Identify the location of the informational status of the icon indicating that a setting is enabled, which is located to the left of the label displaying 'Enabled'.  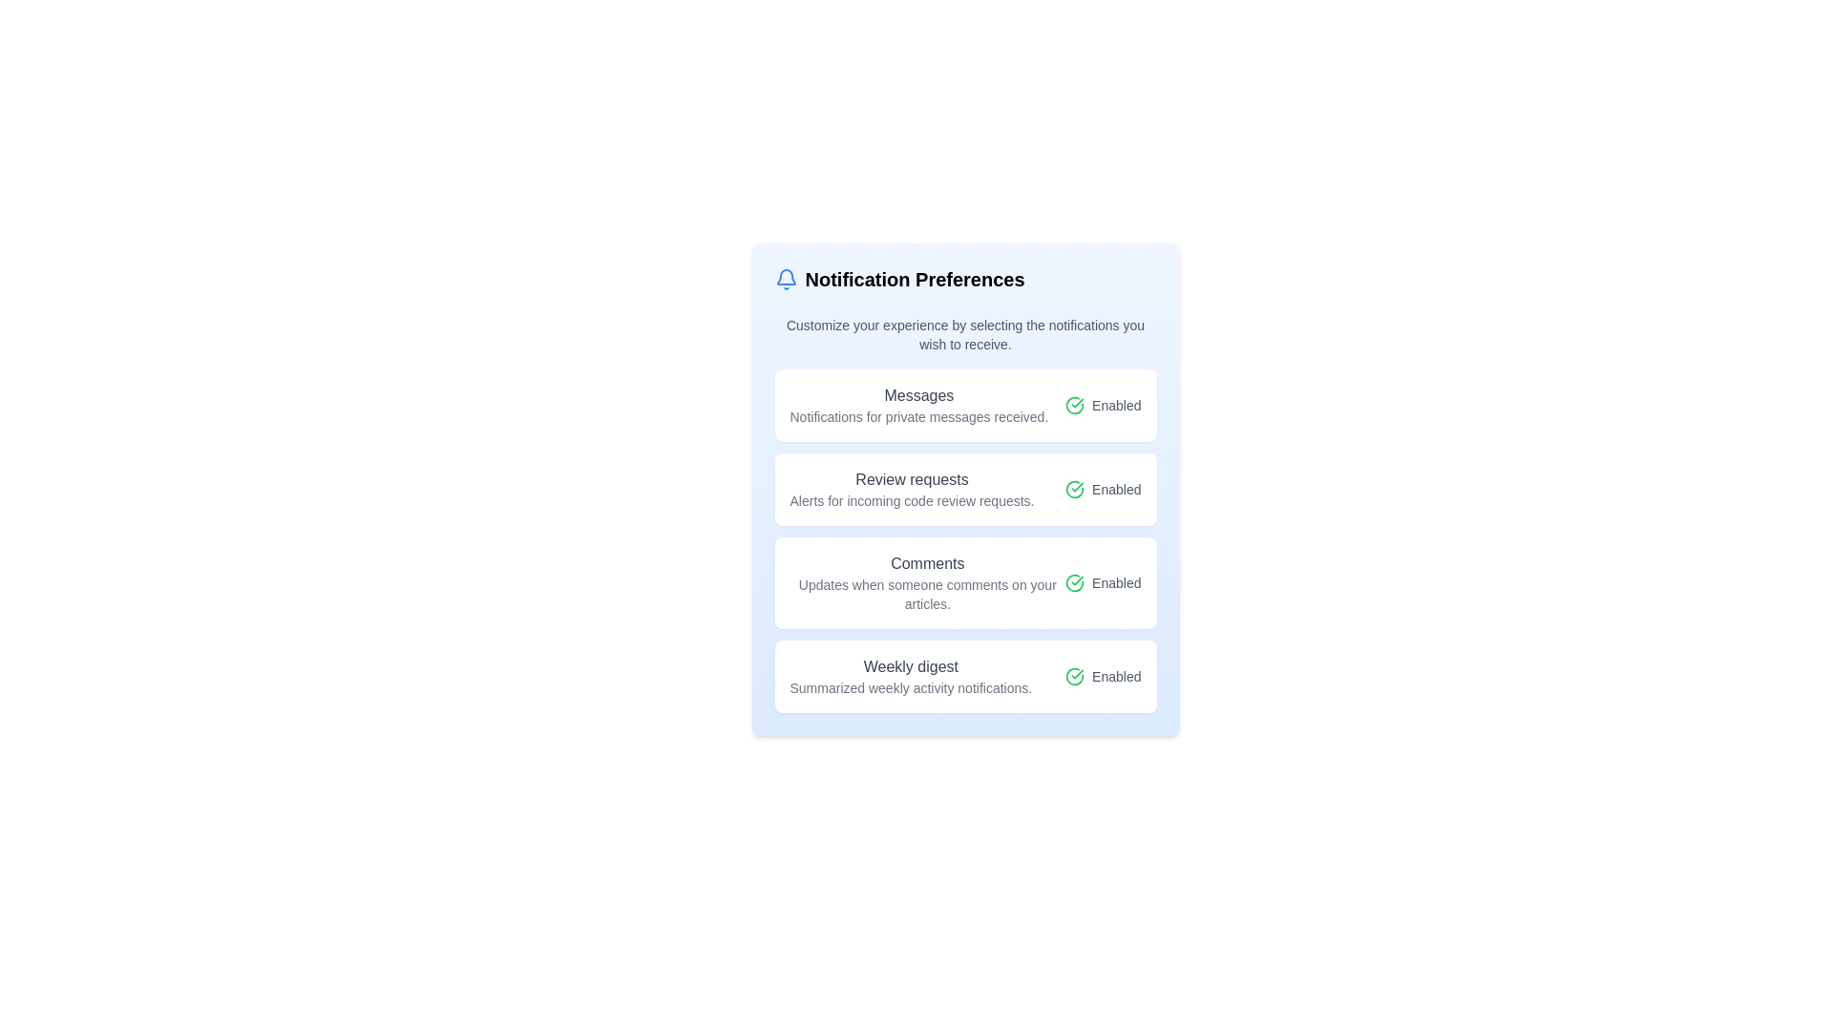
(1075, 676).